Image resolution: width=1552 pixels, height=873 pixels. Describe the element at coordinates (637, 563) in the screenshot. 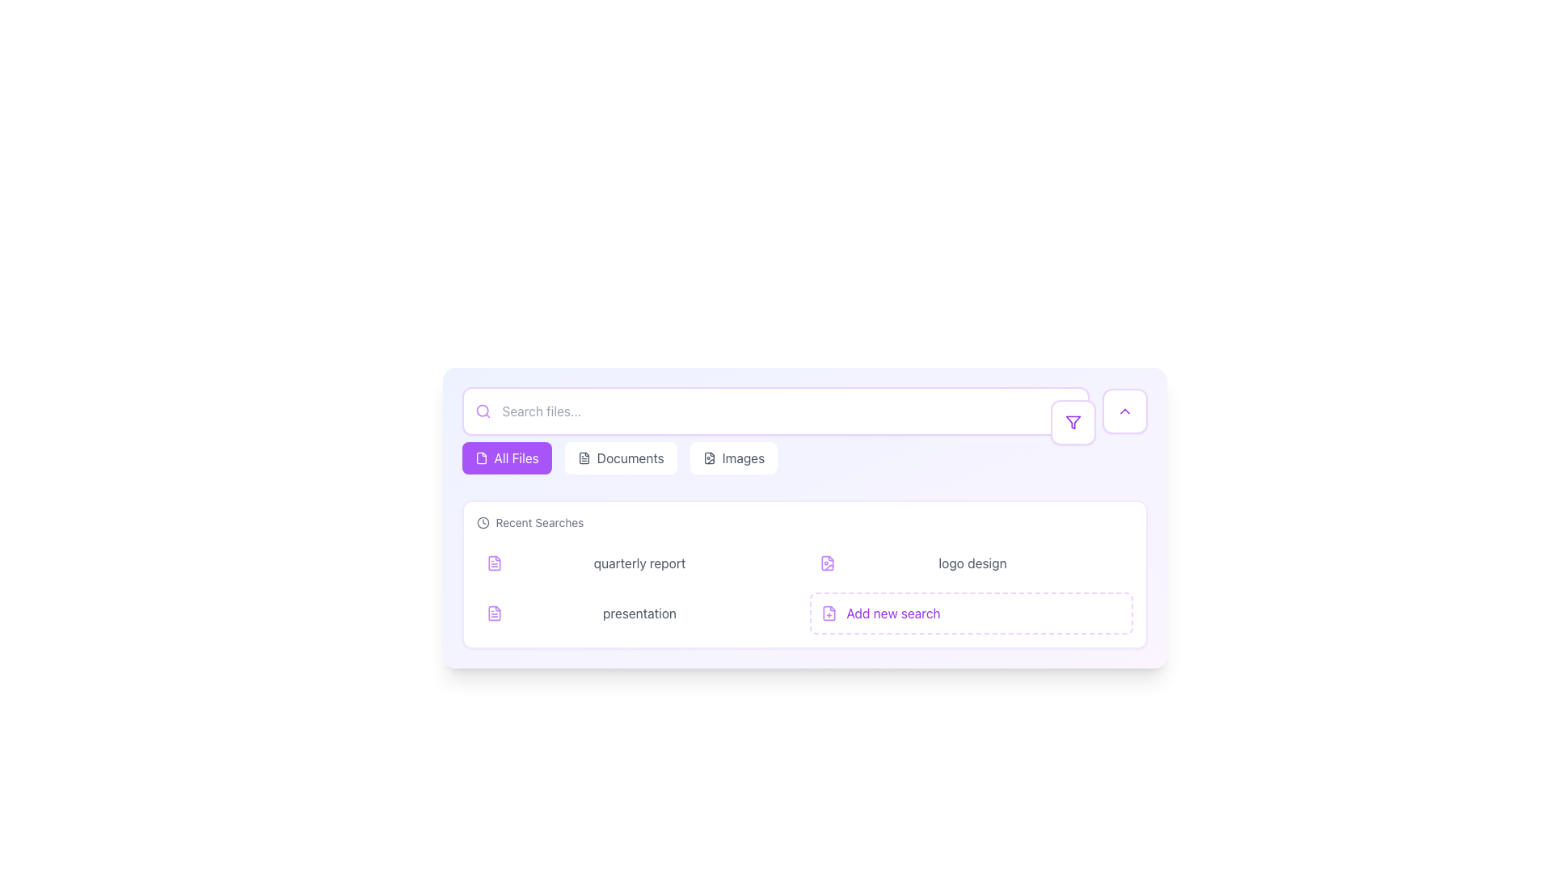

I see `the first selectable item in the 'Recent Searches' list` at that location.